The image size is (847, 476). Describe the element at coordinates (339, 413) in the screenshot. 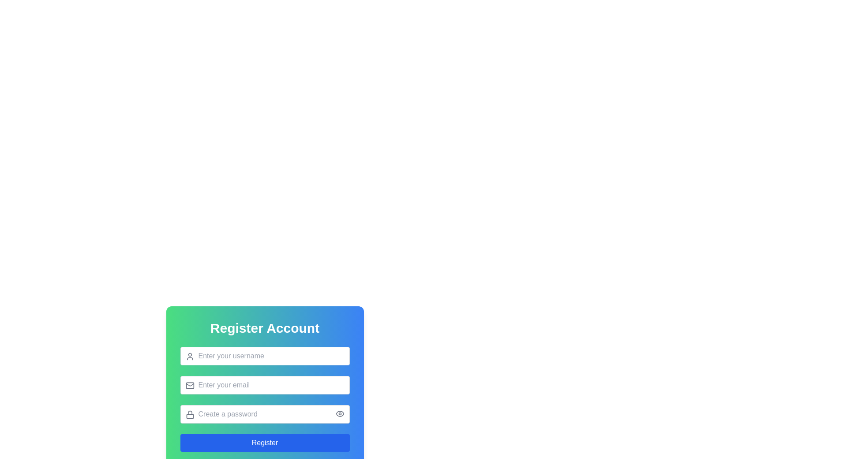

I see `the eye icon button located at the top-right corner of the password input field` at that location.